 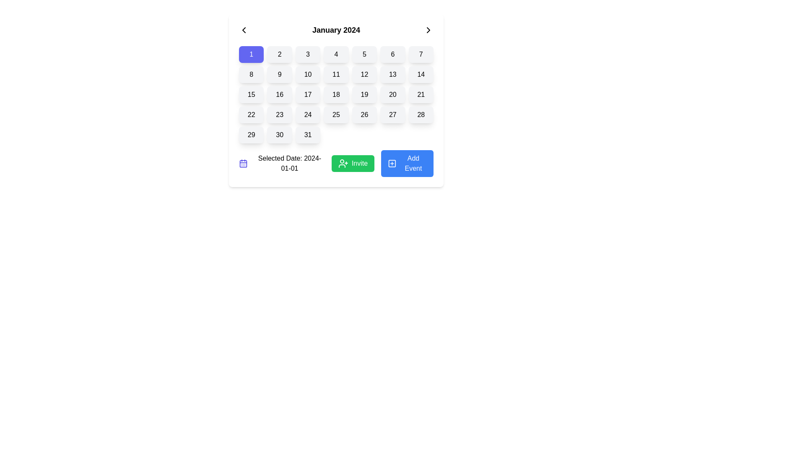 I want to click on the rounded square button labeled '28' in the fourth row, last column of the calendar, so click(x=421, y=115).